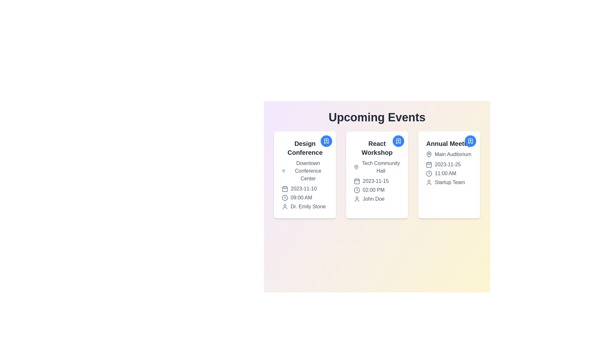 This screenshot has height=344, width=612. Describe the element at coordinates (429, 173) in the screenshot. I see `the clock icon located in the third card next to the '11:00 AM' text, which visually represents time information` at that location.